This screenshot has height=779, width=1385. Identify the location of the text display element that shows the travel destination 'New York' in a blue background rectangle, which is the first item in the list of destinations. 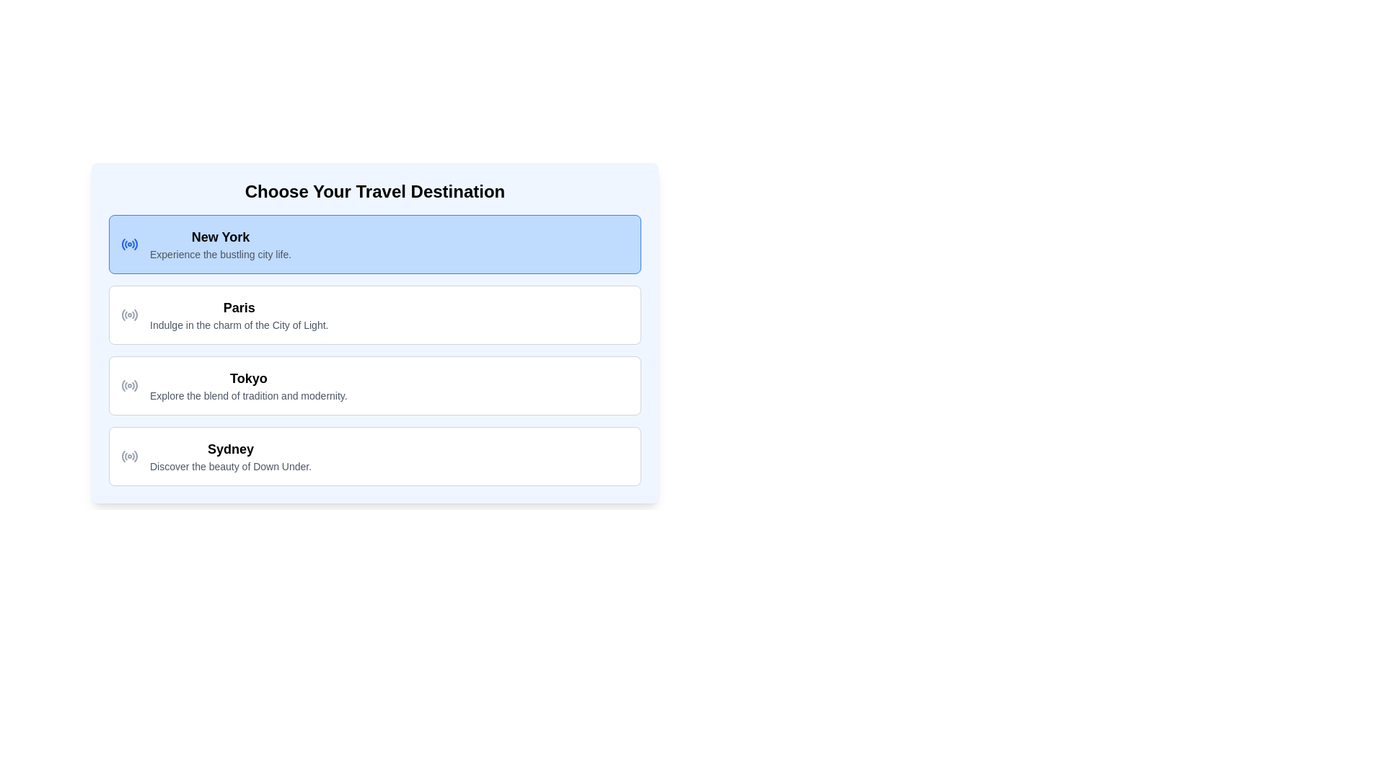
(220, 244).